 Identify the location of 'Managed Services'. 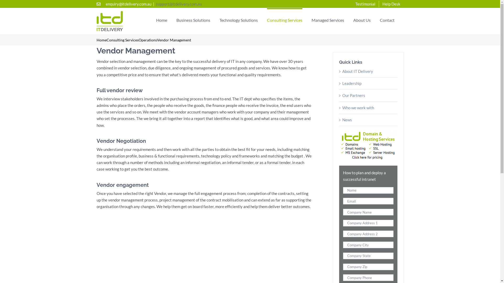
(327, 19).